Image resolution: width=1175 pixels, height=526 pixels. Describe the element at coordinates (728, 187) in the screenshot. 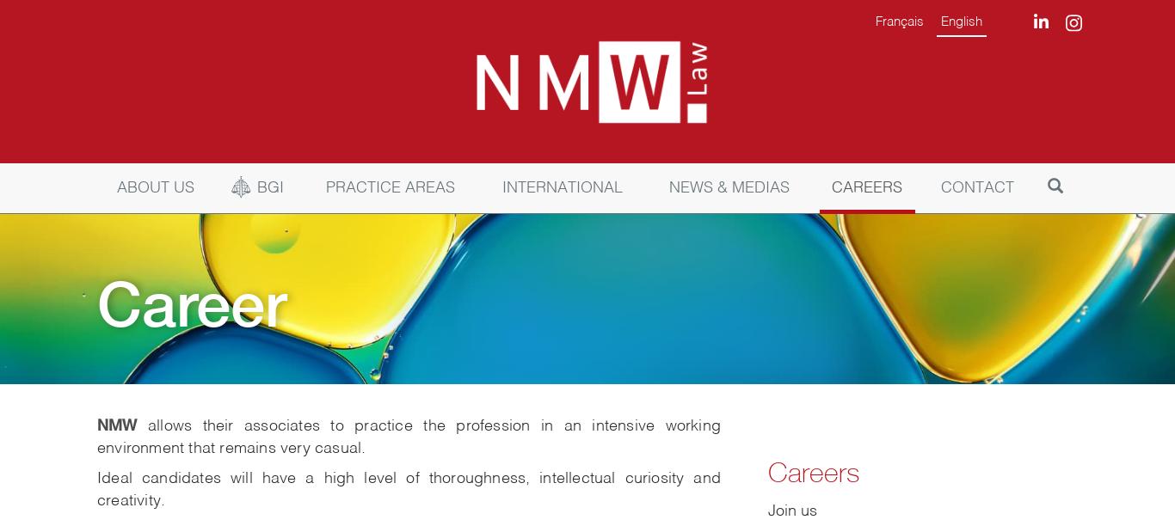

I see `'NEWS & MEDIAS'` at that location.